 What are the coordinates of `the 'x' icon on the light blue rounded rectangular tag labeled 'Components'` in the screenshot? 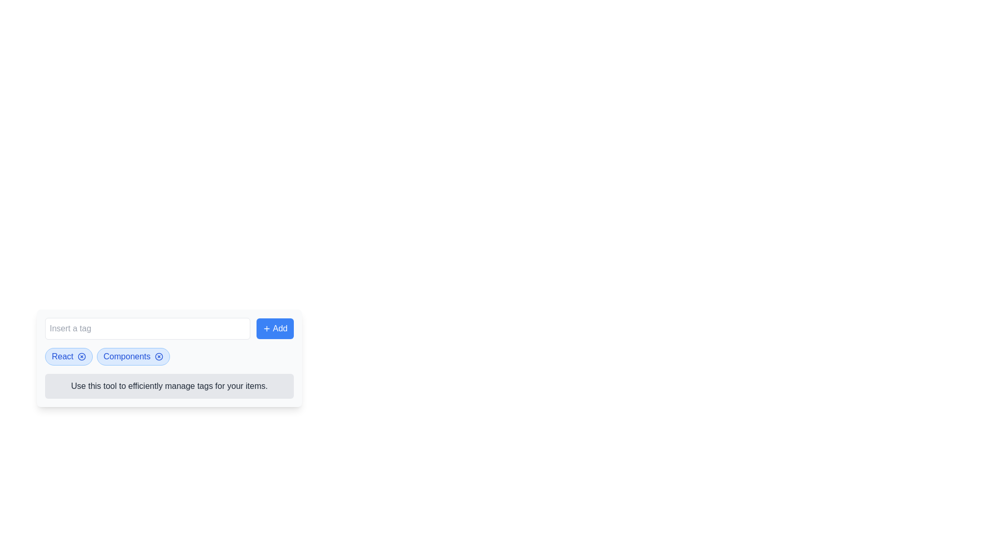 It's located at (133, 356).